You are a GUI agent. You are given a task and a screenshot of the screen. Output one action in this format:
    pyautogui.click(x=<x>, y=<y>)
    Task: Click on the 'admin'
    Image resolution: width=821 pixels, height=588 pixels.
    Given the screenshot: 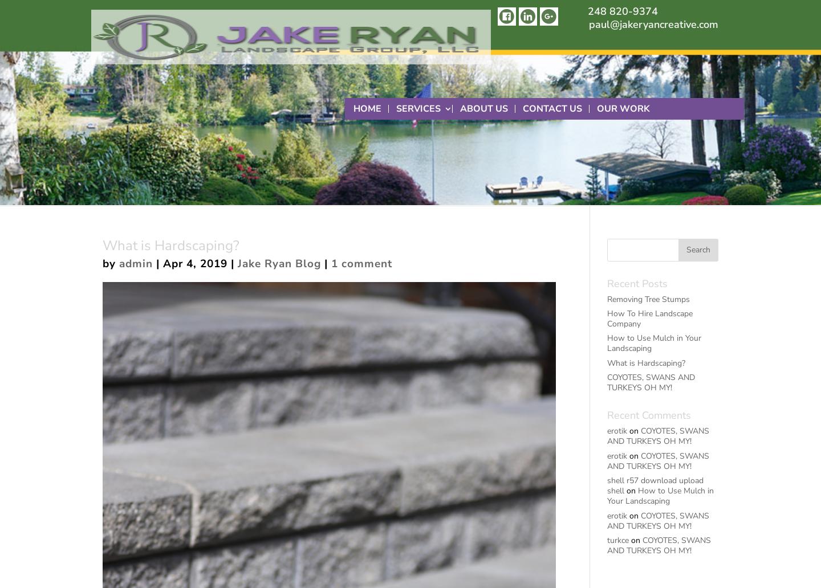 What is the action you would take?
    pyautogui.click(x=136, y=263)
    